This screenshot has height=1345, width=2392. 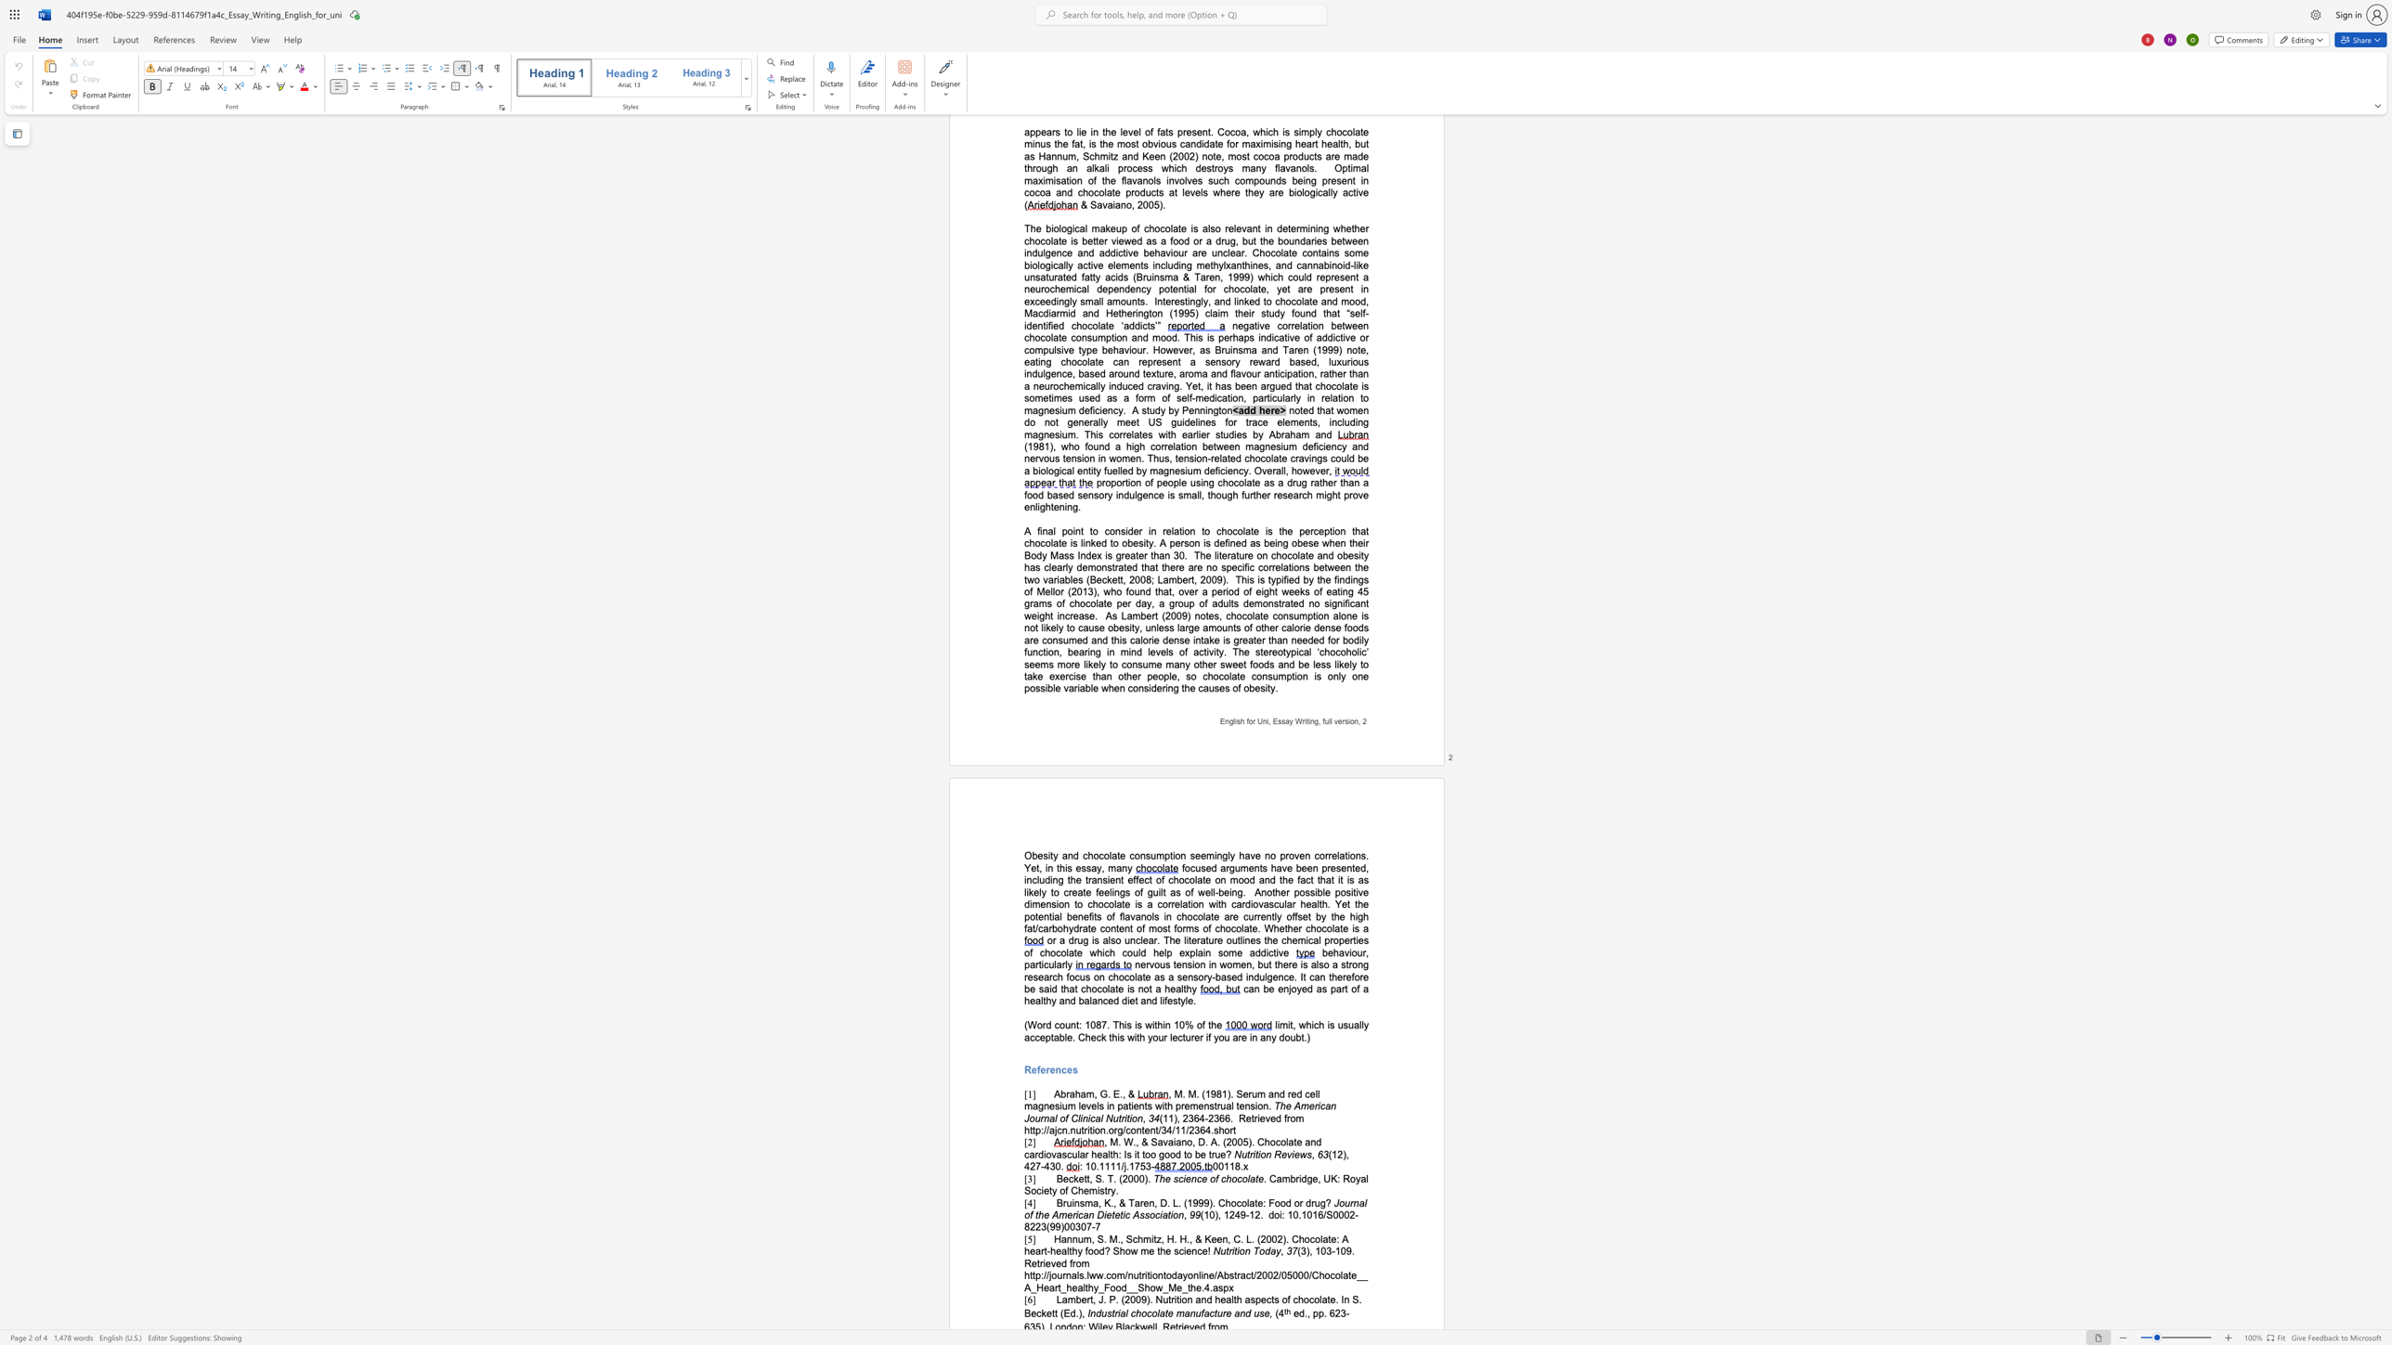 What do you see at coordinates (1104, 1189) in the screenshot?
I see `the subset text "try" within the text ". Cambridge, UK: Royal Society of Chemistry."` at bounding box center [1104, 1189].